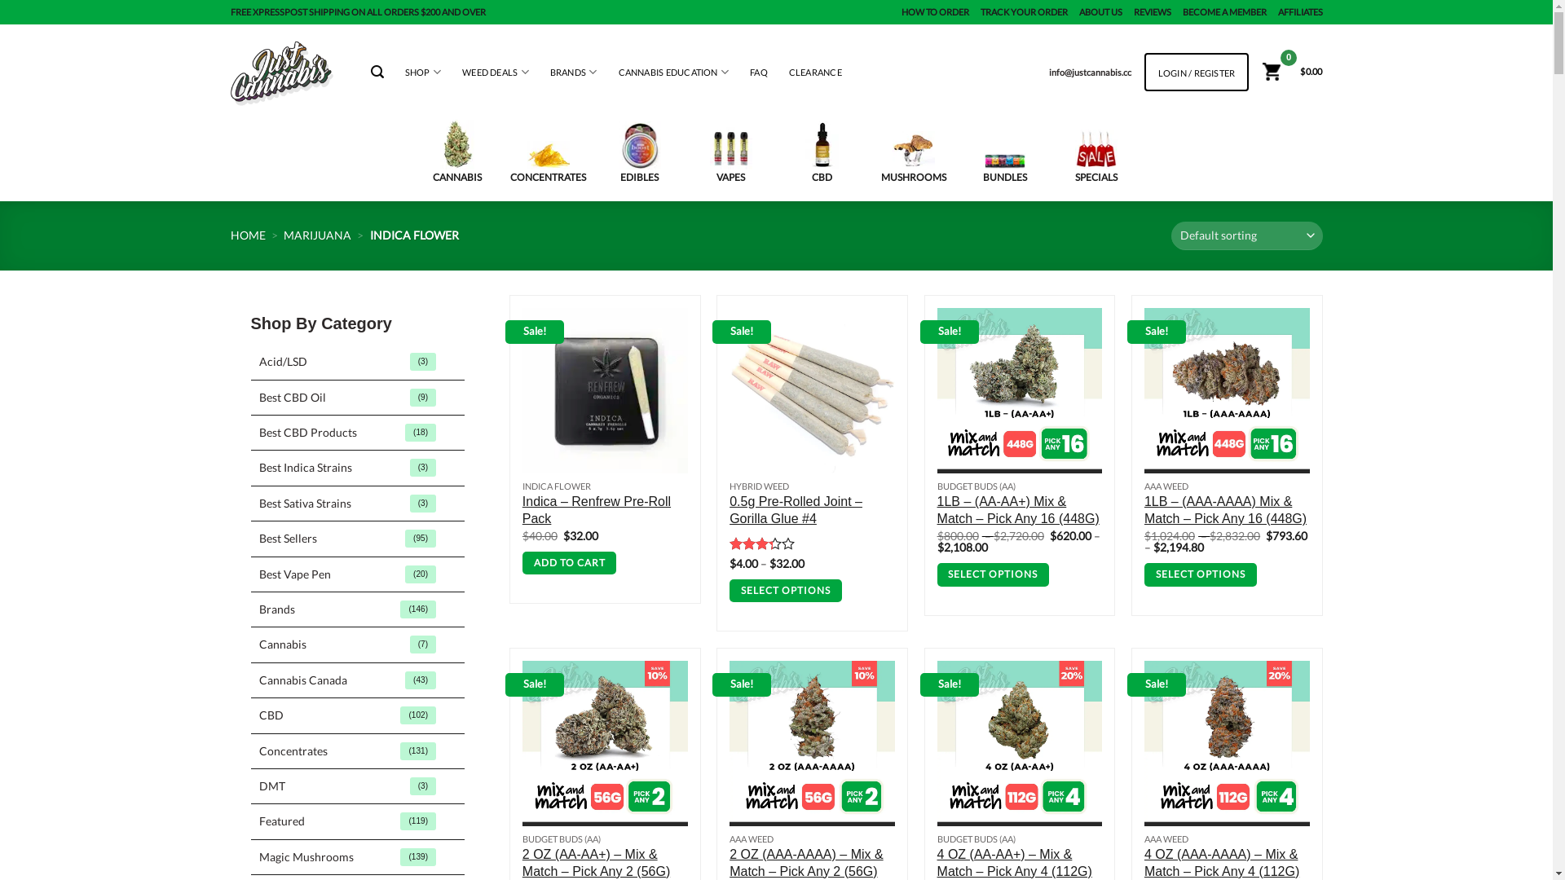  Describe the element at coordinates (789, 71) in the screenshot. I see `'CLEARANCE'` at that location.